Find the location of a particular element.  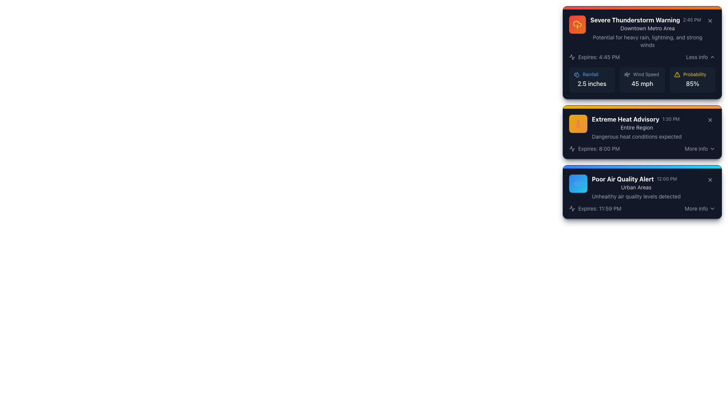

the small white 'x' icon close button located at the top-right corner of the 'Extreme Heat Advisory' alert card is located at coordinates (709, 119).